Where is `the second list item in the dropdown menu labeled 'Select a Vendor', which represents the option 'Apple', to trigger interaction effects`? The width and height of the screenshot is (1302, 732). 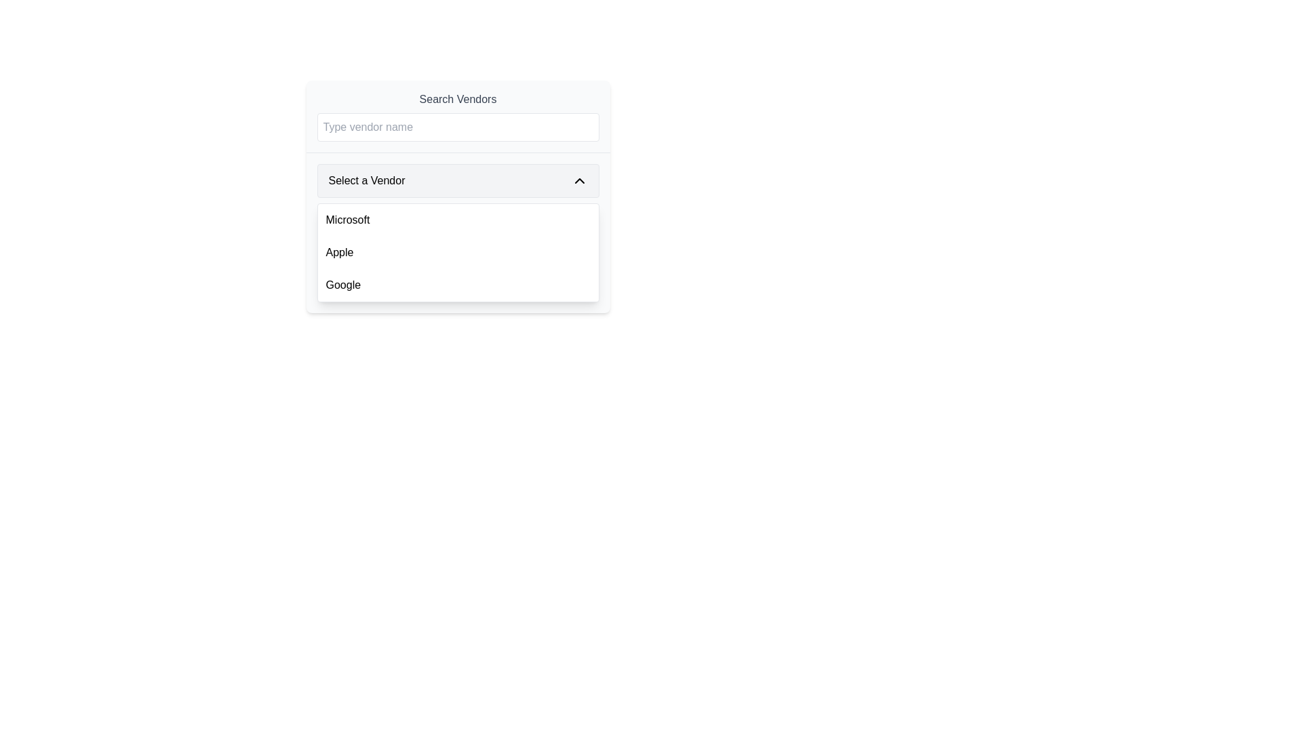 the second list item in the dropdown menu labeled 'Select a Vendor', which represents the option 'Apple', to trigger interaction effects is located at coordinates (458, 253).